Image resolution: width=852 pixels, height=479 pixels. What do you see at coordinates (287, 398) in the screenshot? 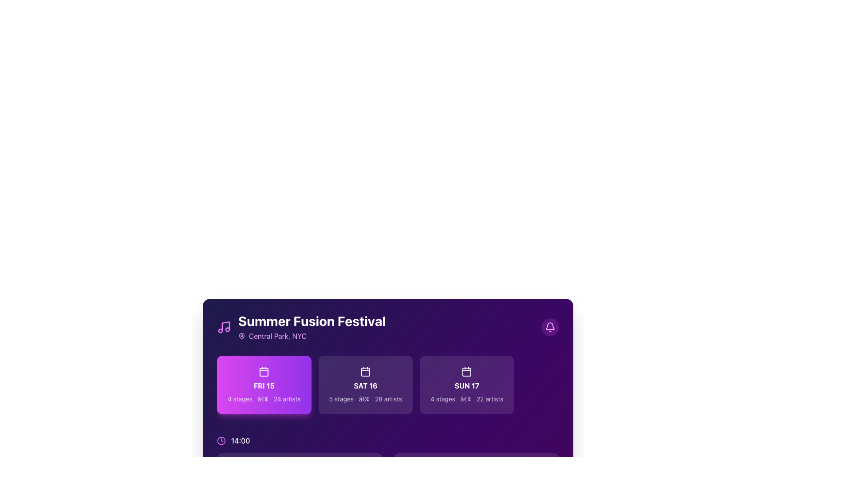
I see `the text label displaying '24 artists', which is rendered in white sans-serif font on a purple background, located within the bottom section of the purple box labeled 'FRI 15'` at bounding box center [287, 398].